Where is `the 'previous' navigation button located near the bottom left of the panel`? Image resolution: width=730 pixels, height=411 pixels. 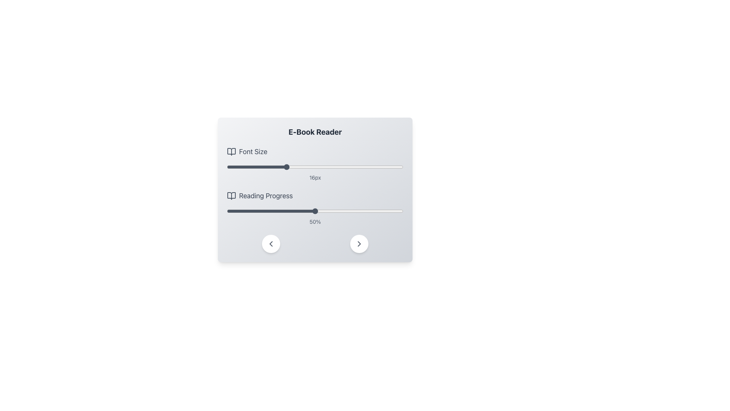 the 'previous' navigation button located near the bottom left of the panel is located at coordinates (271, 244).